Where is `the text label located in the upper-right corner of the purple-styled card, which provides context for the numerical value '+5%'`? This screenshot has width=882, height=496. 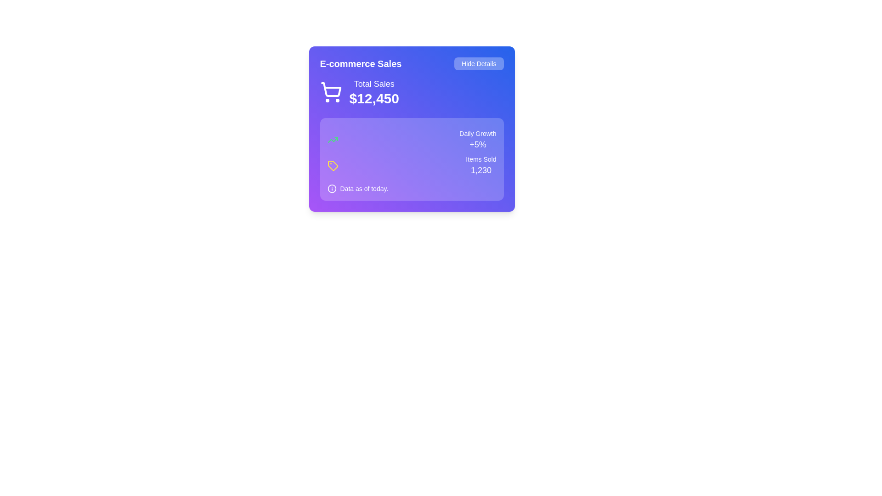 the text label located in the upper-right corner of the purple-styled card, which provides context for the numerical value '+5%' is located at coordinates (478, 133).